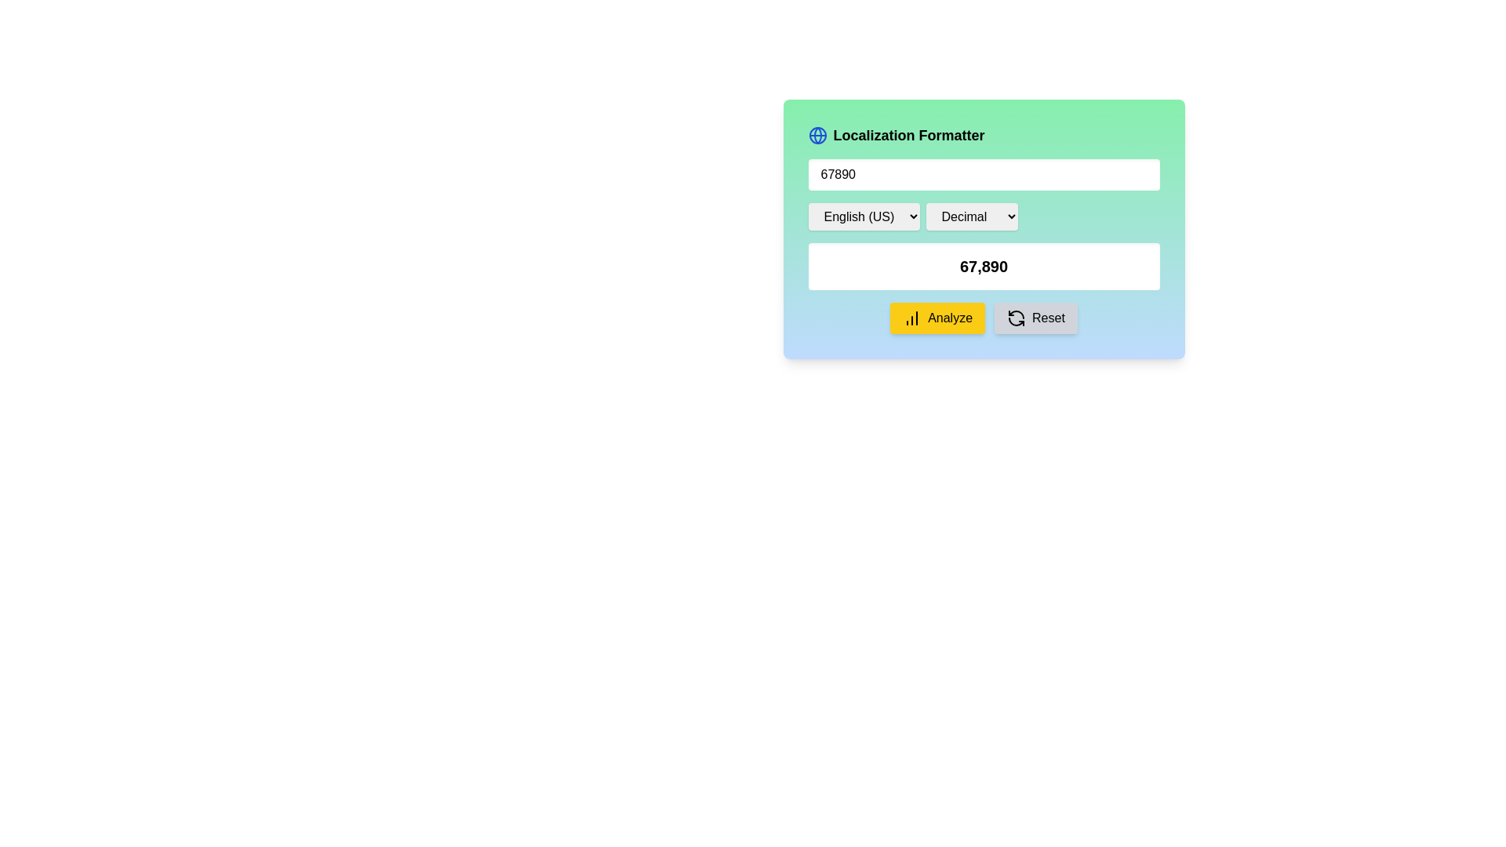 This screenshot has height=847, width=1506. What do you see at coordinates (863, 216) in the screenshot?
I see `the dropdown menu labeled 'English (US)'` at bounding box center [863, 216].